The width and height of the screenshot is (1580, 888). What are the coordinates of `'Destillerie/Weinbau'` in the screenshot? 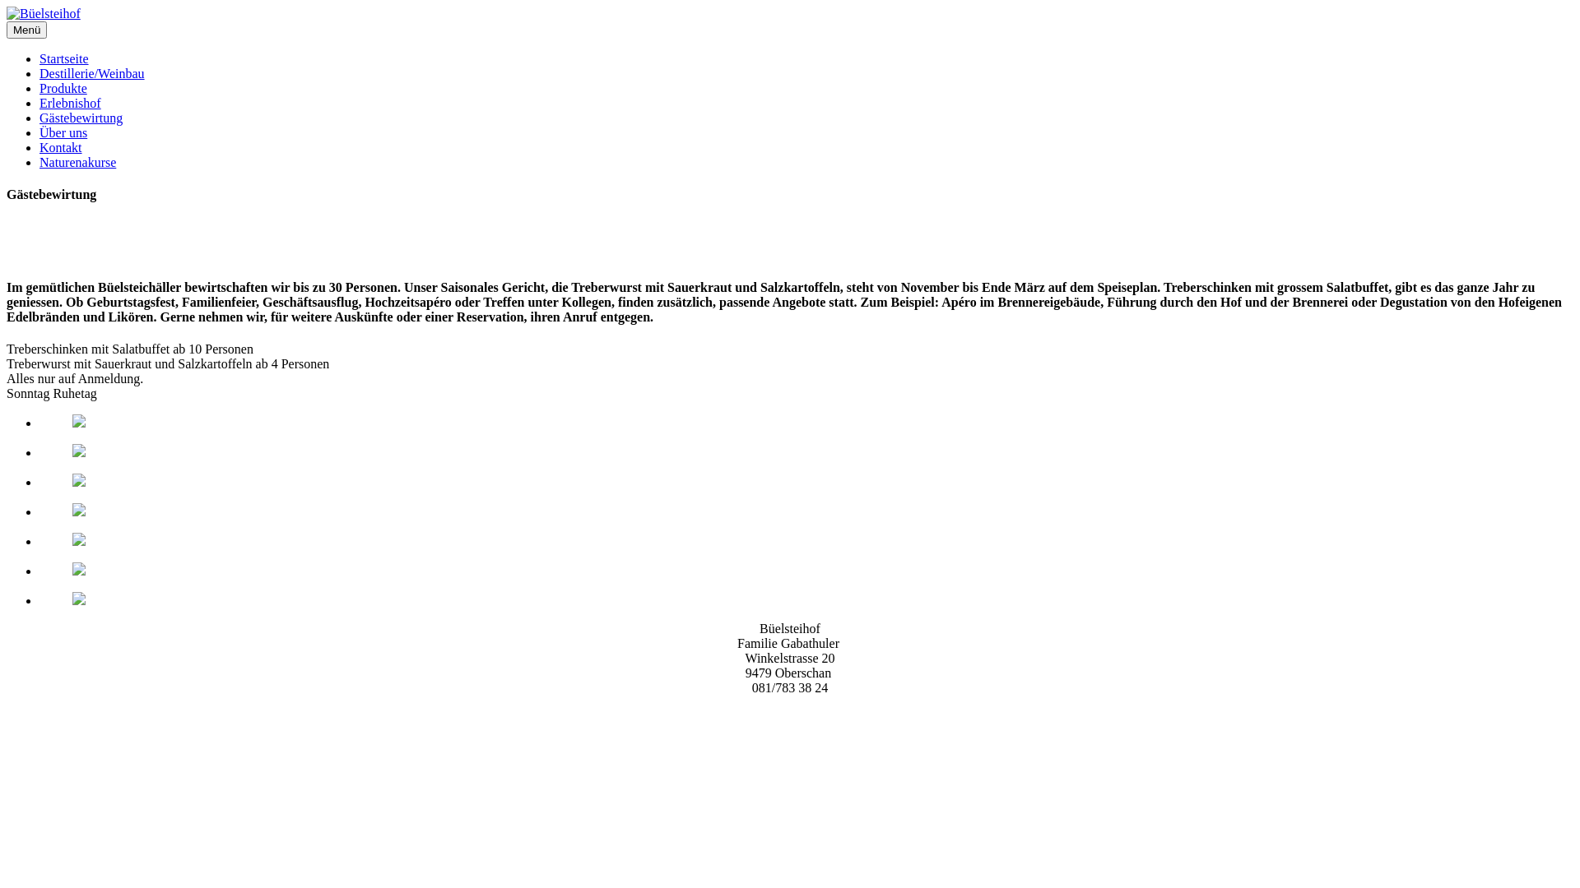 It's located at (91, 72).